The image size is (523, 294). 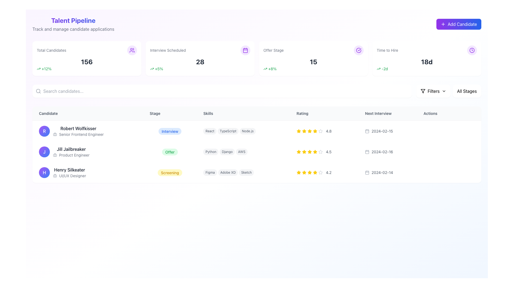 What do you see at coordinates (78, 134) in the screenshot?
I see `the Text label displaying the job title of the candidate 'Robert Wolfkisser', located below the candidate's name in the 'Candidate' column of the table` at bounding box center [78, 134].